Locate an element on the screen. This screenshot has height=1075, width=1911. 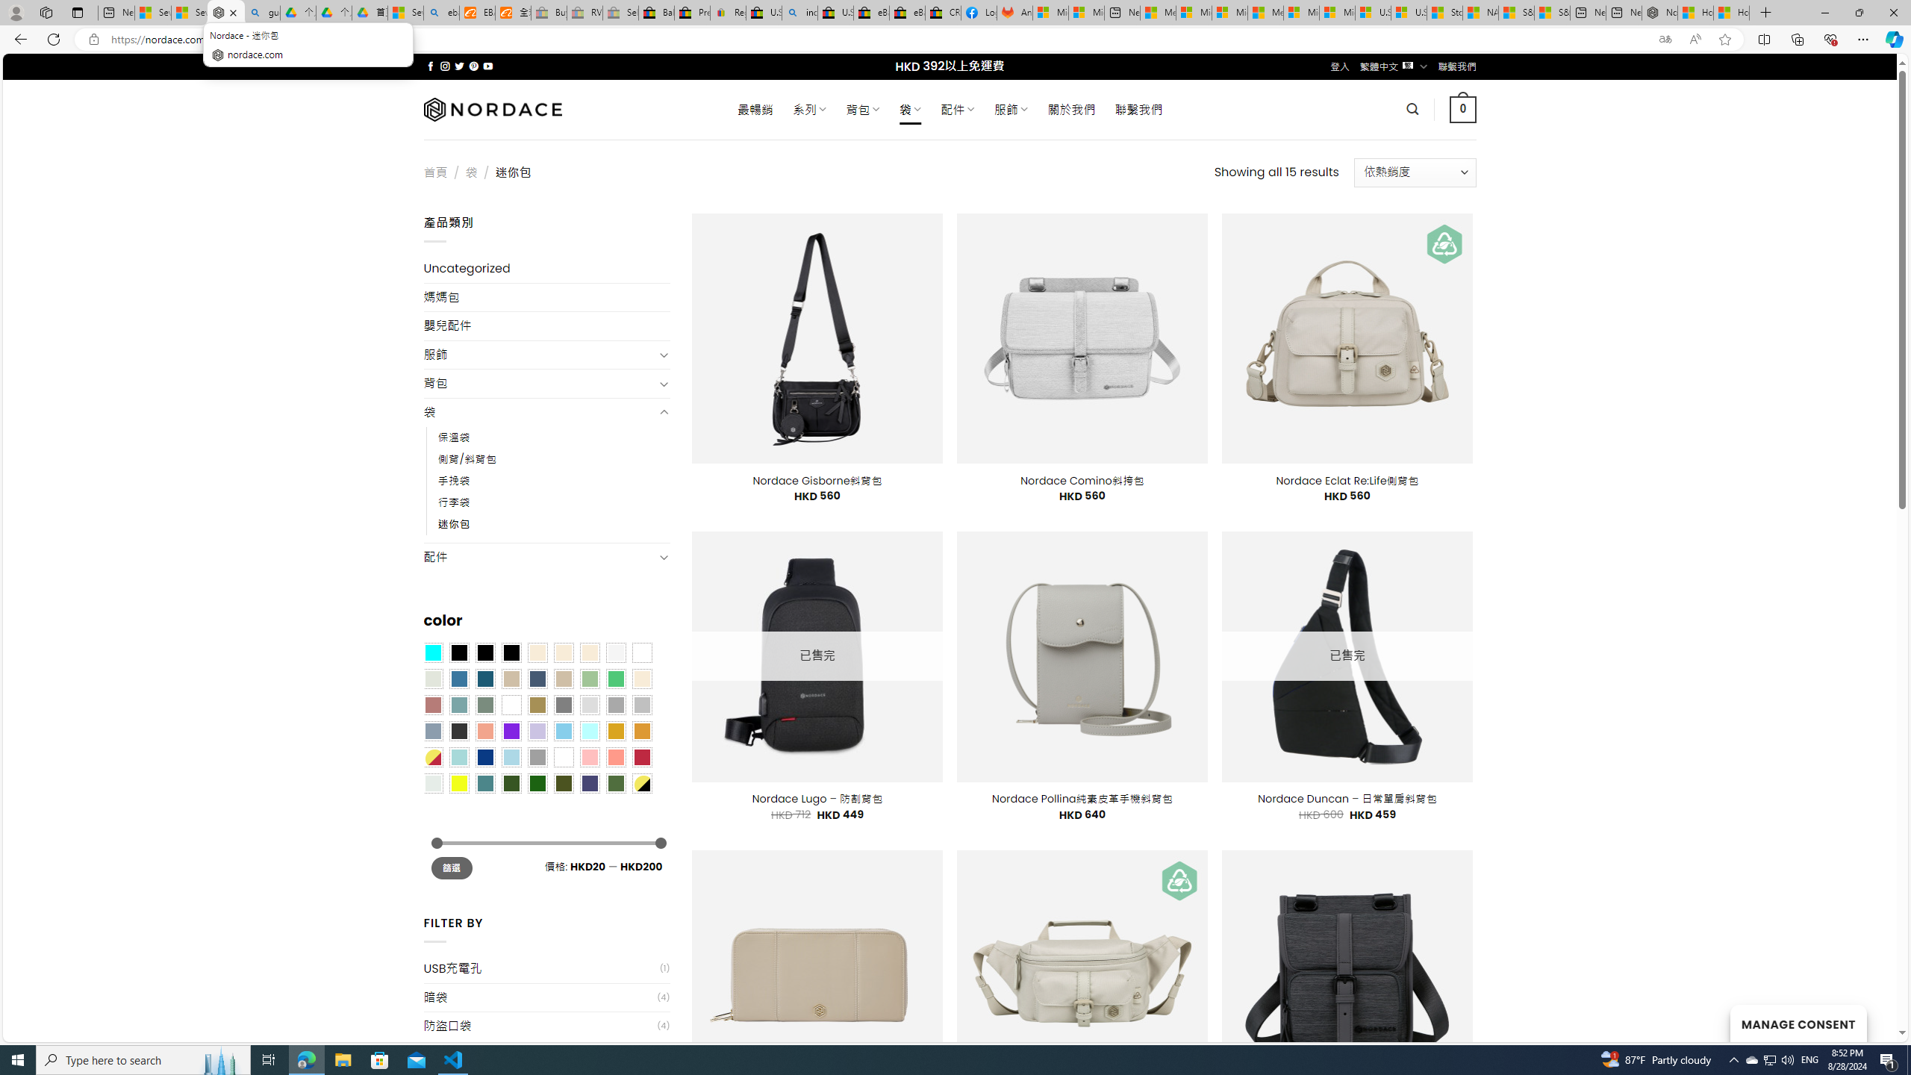
'Cream' is located at coordinates (590, 652).